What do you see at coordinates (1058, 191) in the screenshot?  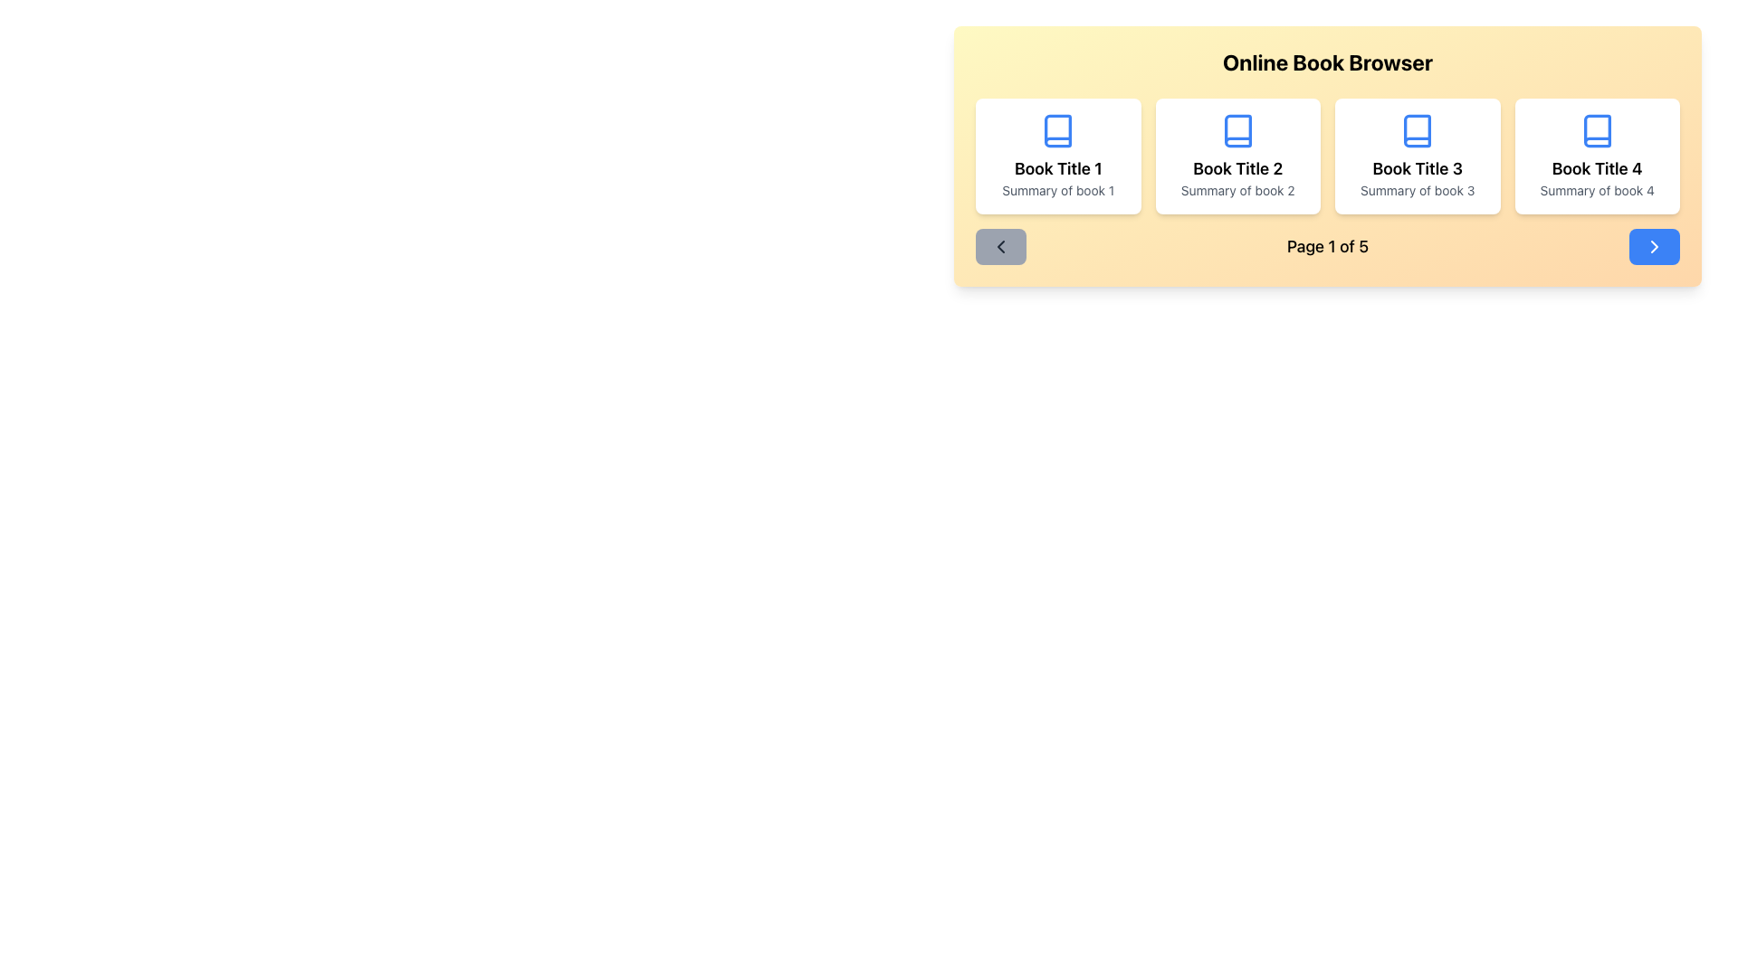 I see `the static text label providing a brief description of 'Book Title 1', located within the first card of a horizontally arranged set of book cards` at bounding box center [1058, 191].